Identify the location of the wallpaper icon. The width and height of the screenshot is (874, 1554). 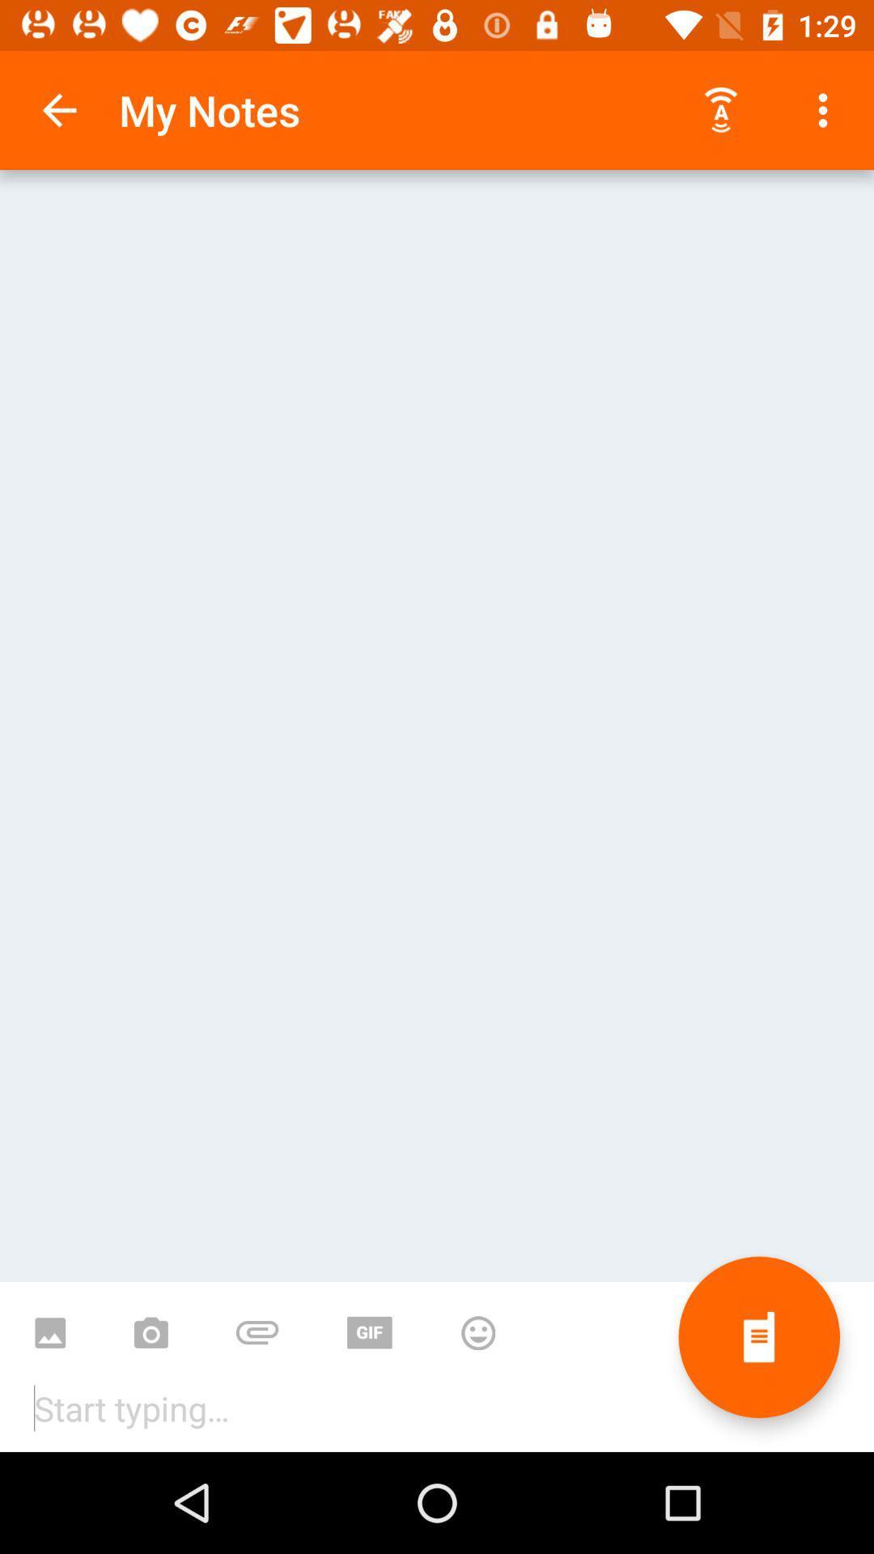
(49, 1322).